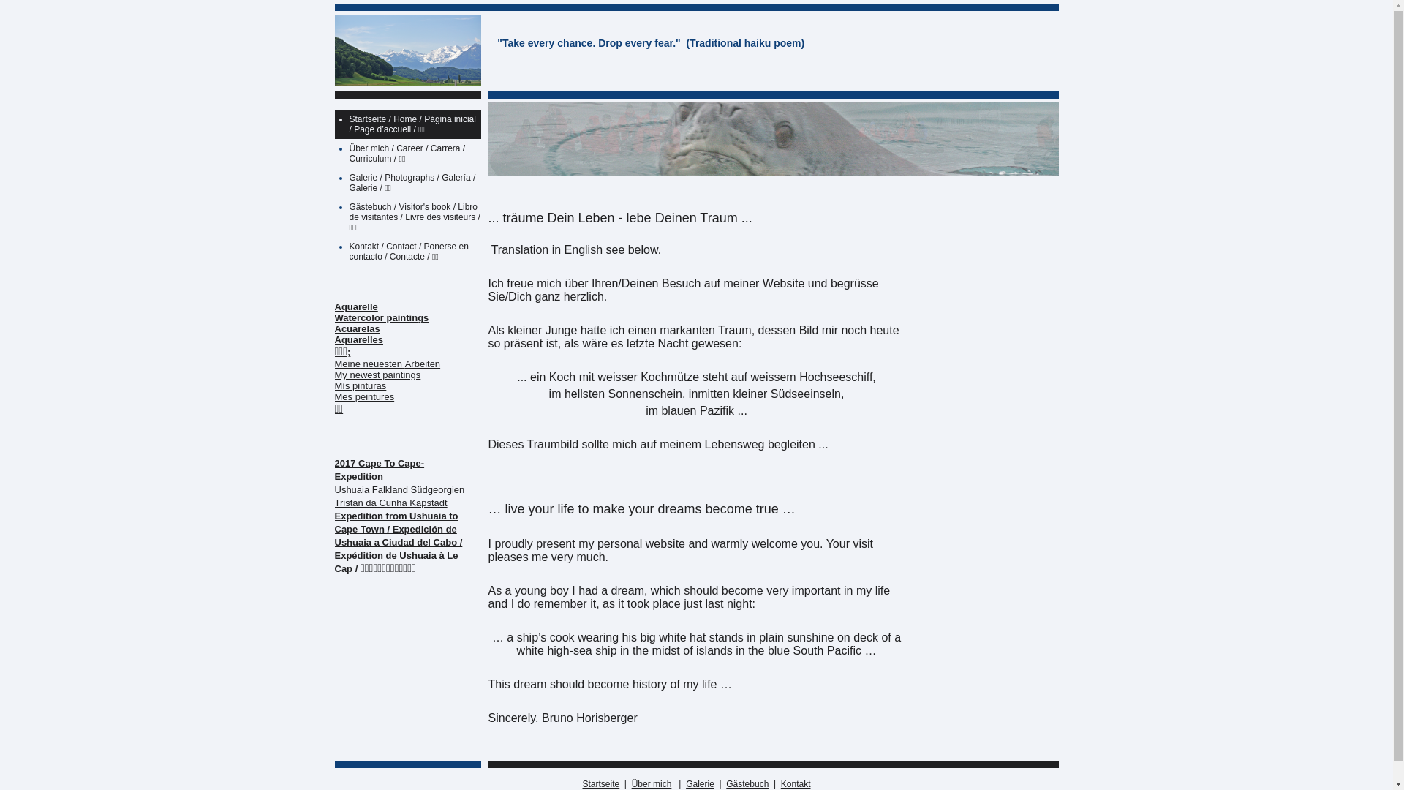  Describe the element at coordinates (356, 306) in the screenshot. I see `'Aquarelle'` at that location.